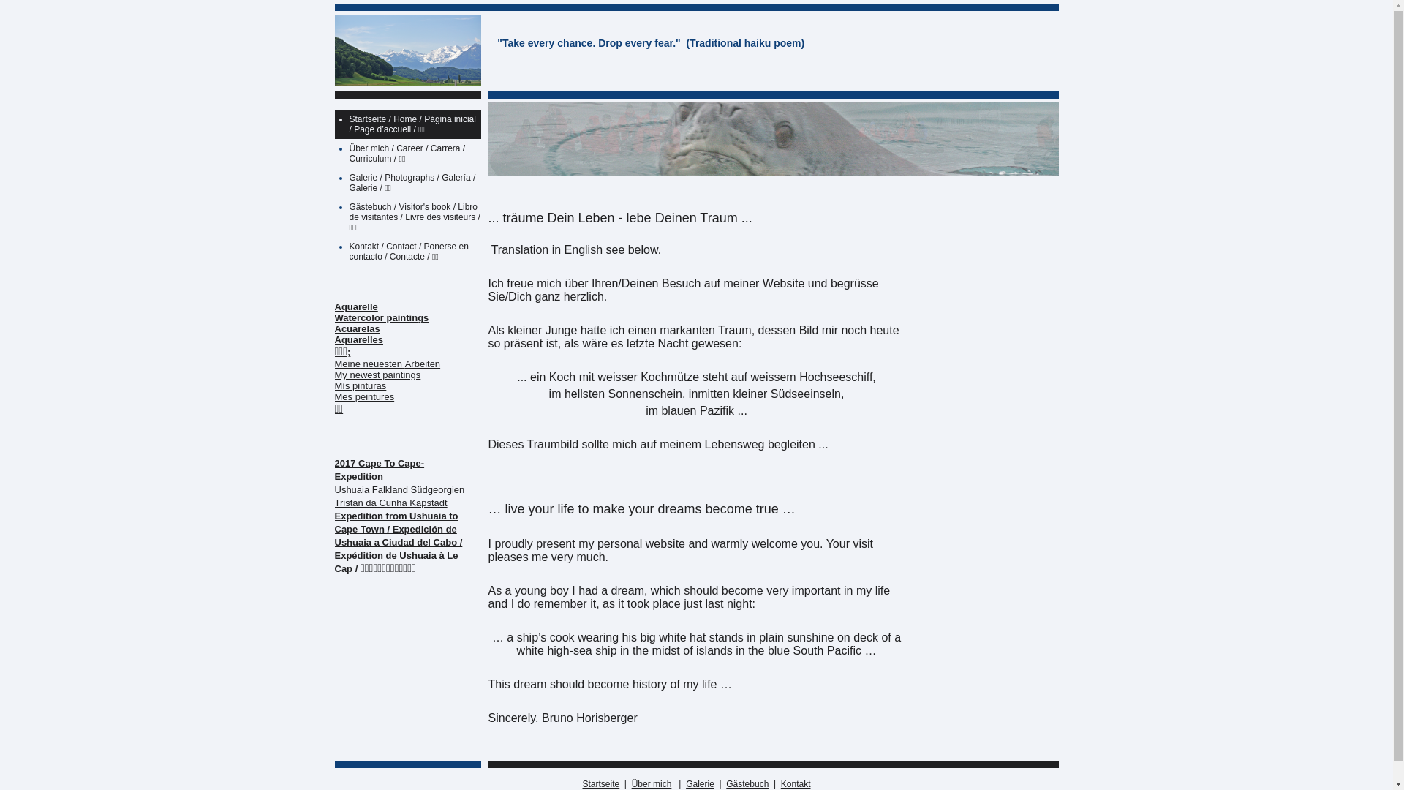  Describe the element at coordinates (356, 306) in the screenshot. I see `'Aquarelle'` at that location.